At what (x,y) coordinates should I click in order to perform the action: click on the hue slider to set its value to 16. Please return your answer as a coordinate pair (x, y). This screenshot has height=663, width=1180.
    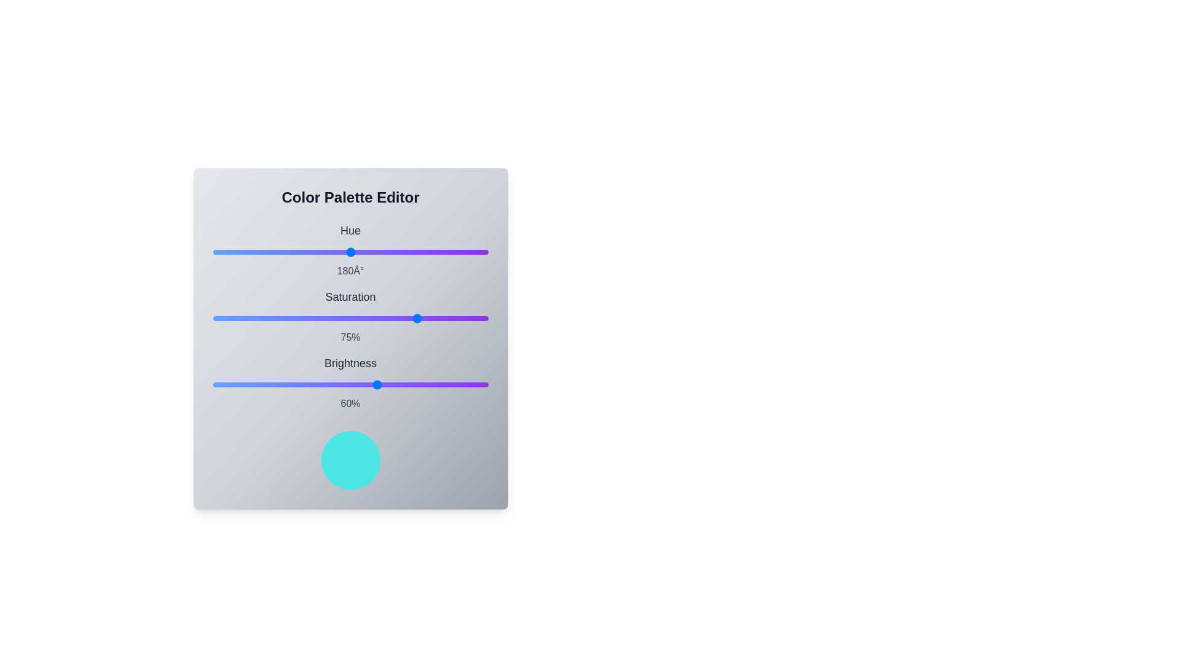
    Looking at the image, I should click on (225, 252).